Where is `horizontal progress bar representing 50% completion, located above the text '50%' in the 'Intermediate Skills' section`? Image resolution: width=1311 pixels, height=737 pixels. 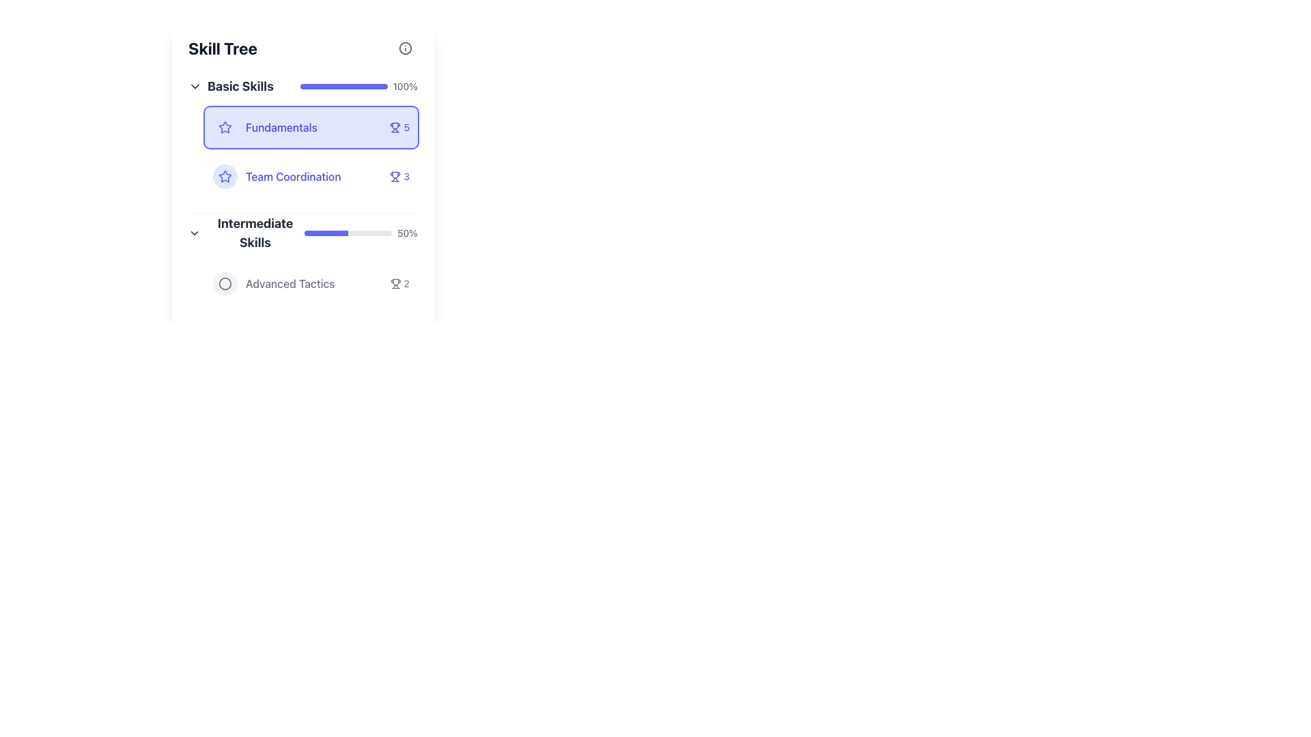
horizontal progress bar representing 50% completion, located above the text '50%' in the 'Intermediate Skills' section is located at coordinates (348, 233).